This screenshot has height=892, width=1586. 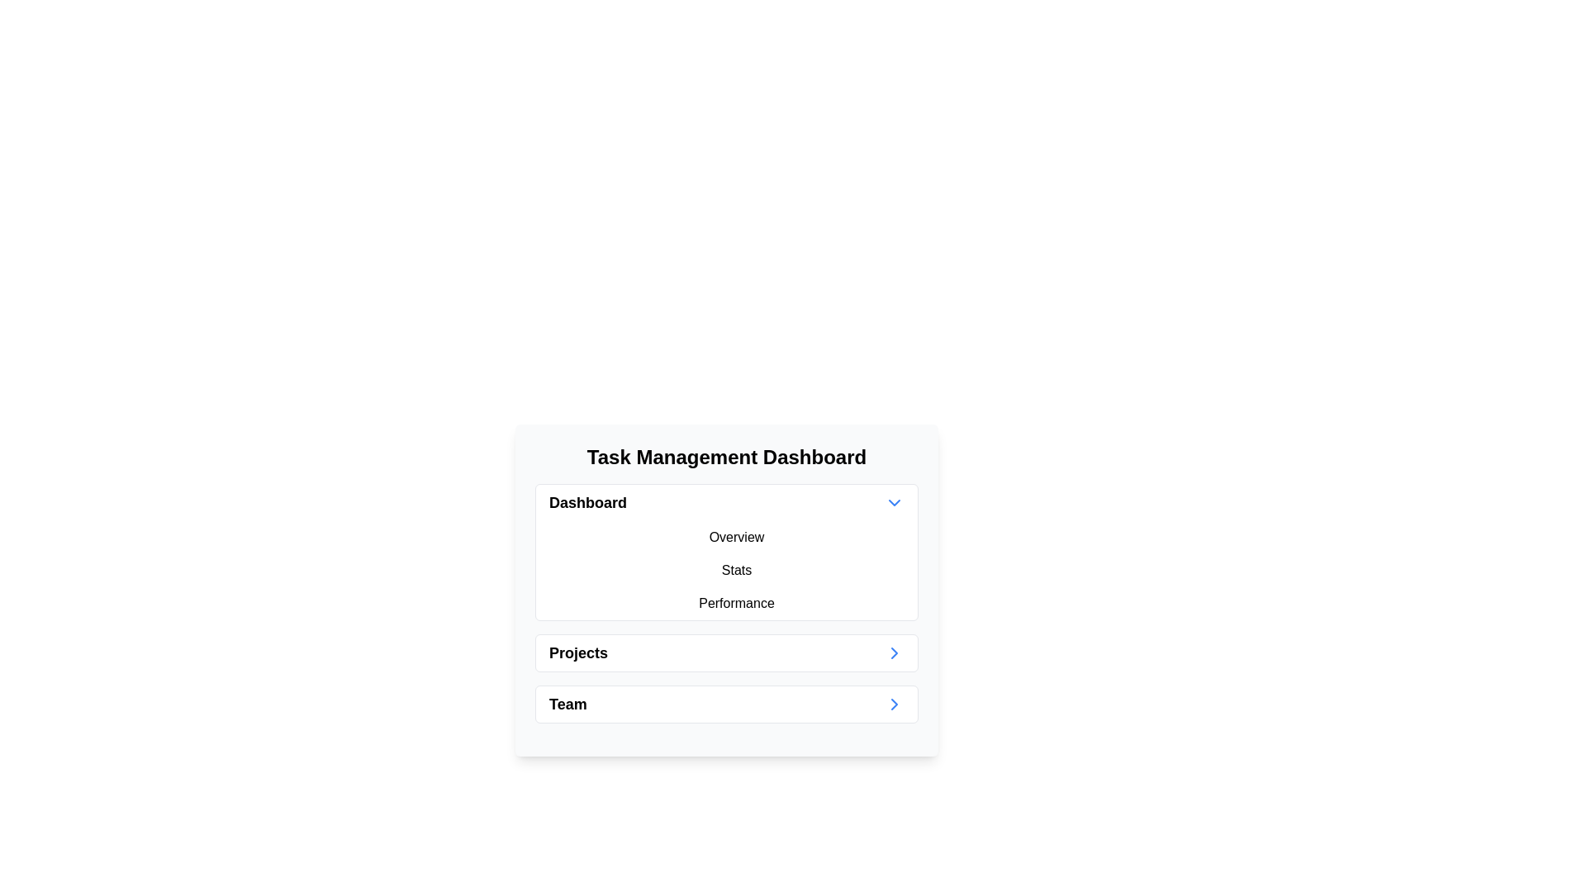 What do you see at coordinates (726, 502) in the screenshot?
I see `the Dropdown Menu Button located at the top of the menu list within the 'Task Management Dashboard' card` at bounding box center [726, 502].